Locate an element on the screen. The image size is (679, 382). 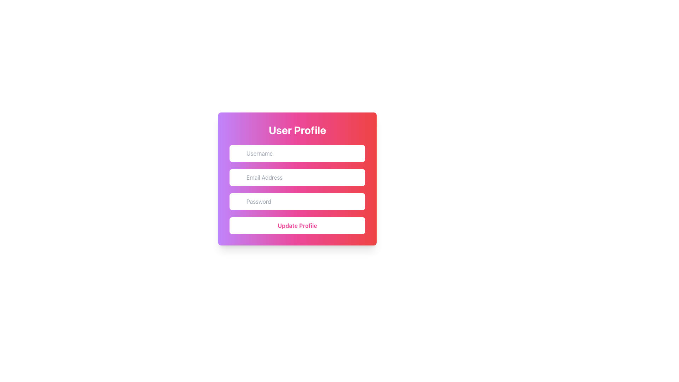
the second input box labeled 'Email Address' within the 'User Profile' card is located at coordinates (297, 178).